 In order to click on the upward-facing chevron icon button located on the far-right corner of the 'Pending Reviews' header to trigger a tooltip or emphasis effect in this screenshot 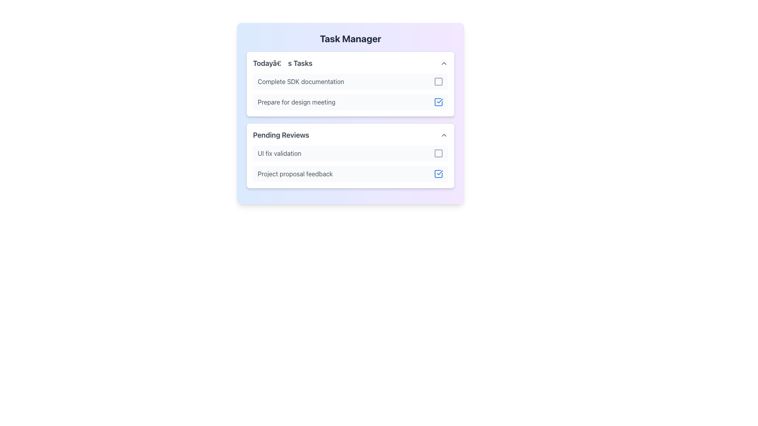, I will do `click(444, 135)`.